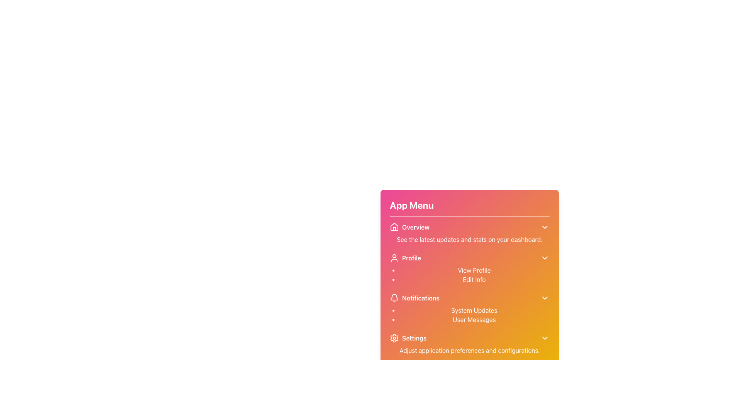 The width and height of the screenshot is (741, 416). What do you see at coordinates (544, 258) in the screenshot?
I see `the downward-pointing chevron icon in the 'Profile' section of the menu` at bounding box center [544, 258].